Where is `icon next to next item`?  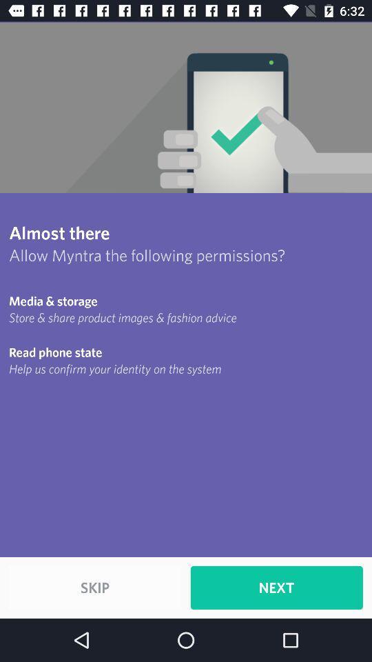 icon next to next item is located at coordinates (94, 587).